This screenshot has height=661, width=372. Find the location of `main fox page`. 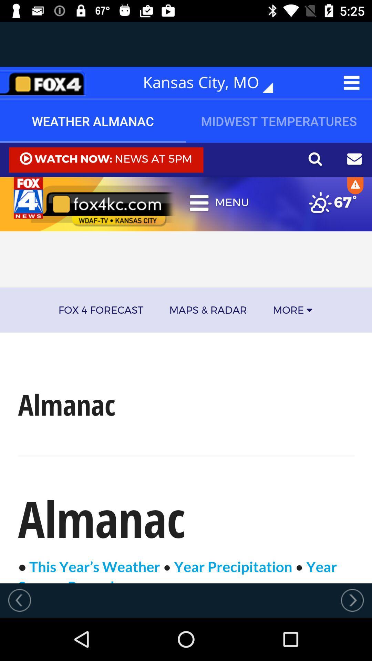

main fox page is located at coordinates (45, 83).